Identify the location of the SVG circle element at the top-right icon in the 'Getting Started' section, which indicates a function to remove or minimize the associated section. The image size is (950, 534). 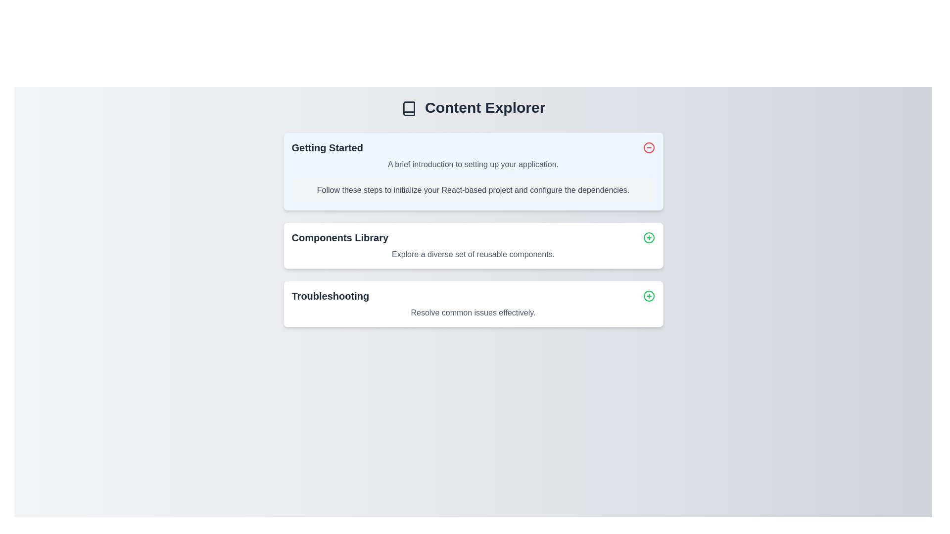
(649, 148).